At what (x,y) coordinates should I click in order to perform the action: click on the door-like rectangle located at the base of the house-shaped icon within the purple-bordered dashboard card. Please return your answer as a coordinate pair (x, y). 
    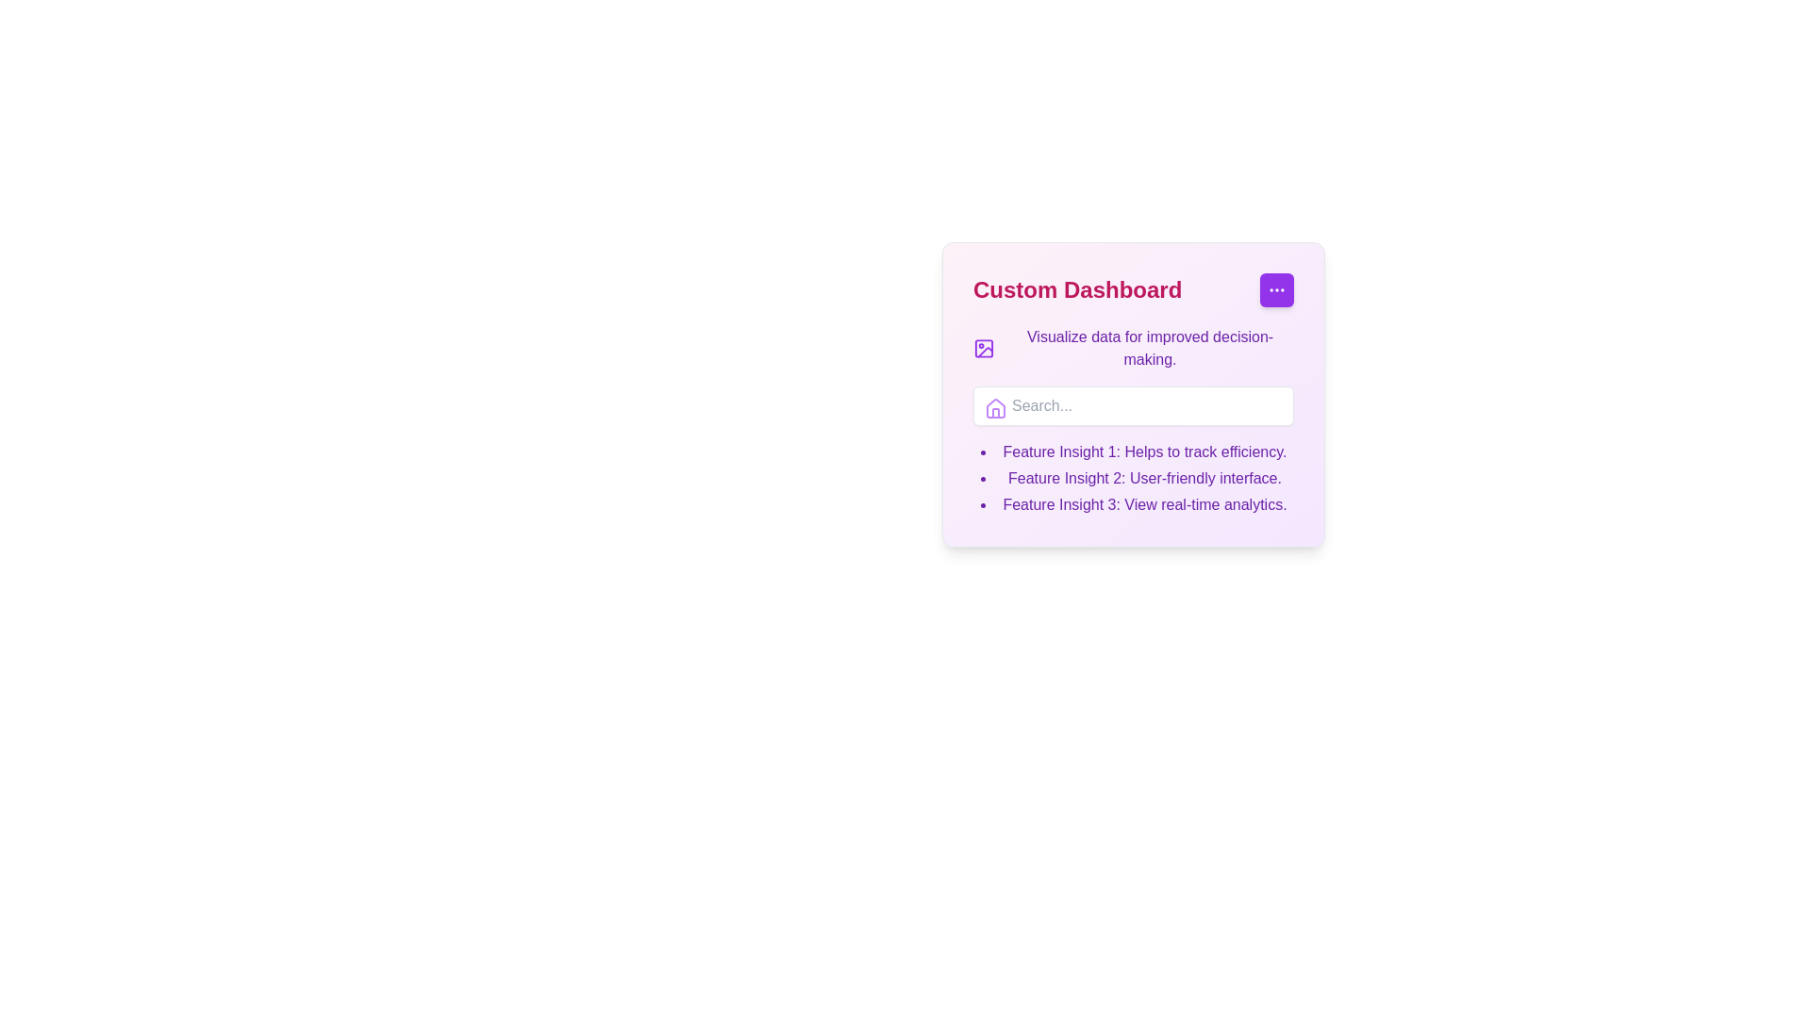
    Looking at the image, I should click on (995, 412).